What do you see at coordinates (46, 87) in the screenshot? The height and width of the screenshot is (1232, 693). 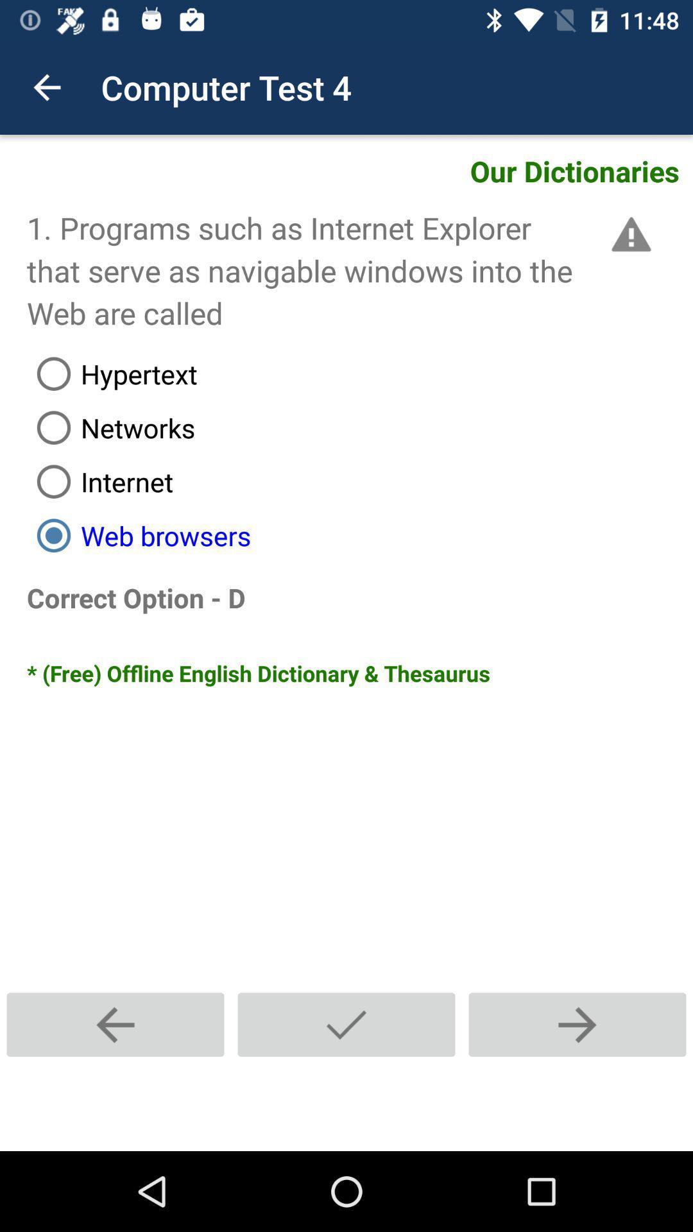 I see `icon above our dictionaries` at bounding box center [46, 87].